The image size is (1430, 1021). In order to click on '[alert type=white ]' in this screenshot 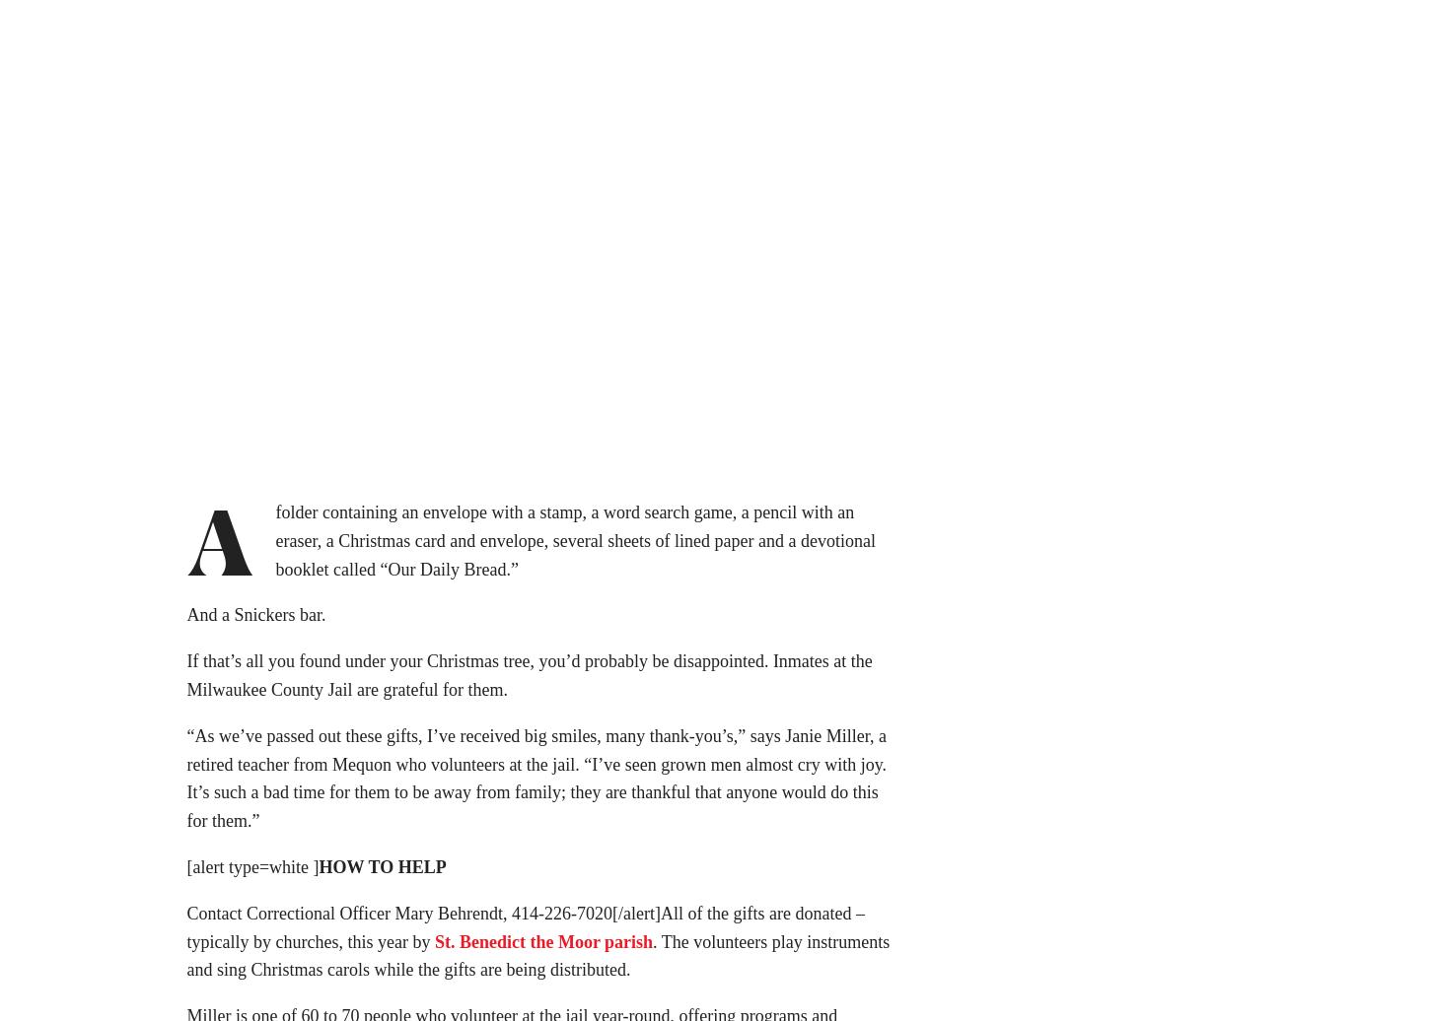, I will do `click(252, 872)`.